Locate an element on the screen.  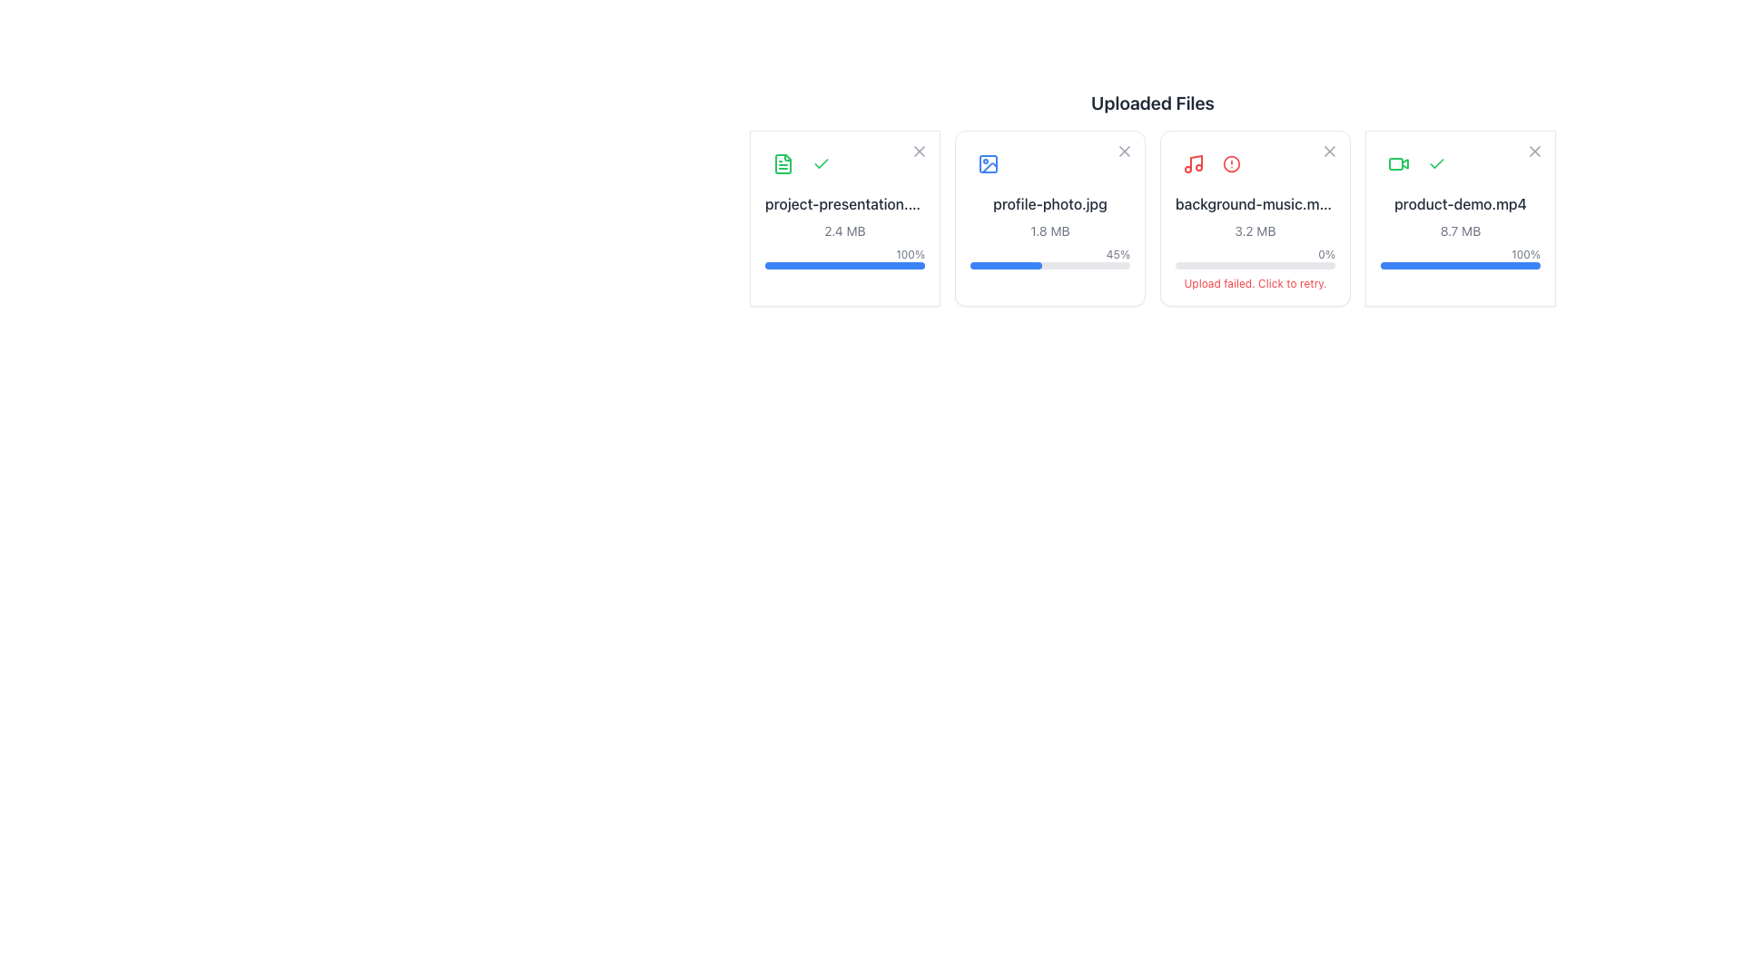
the upload progress for 'profile-photo.jpg' is located at coordinates (1049, 266).